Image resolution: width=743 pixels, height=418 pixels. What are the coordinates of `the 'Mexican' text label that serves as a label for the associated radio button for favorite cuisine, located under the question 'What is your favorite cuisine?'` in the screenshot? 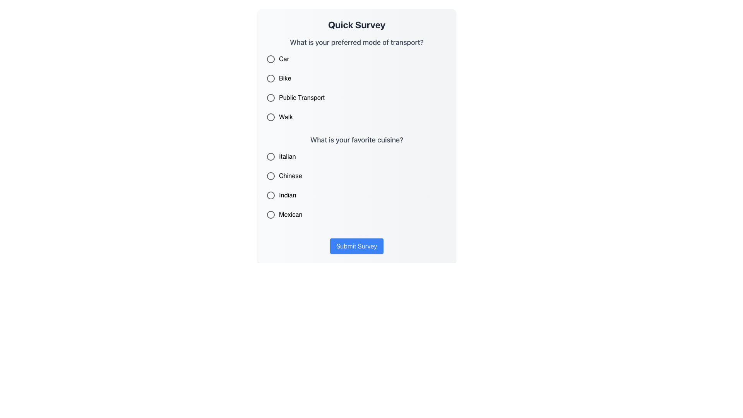 It's located at (290, 215).